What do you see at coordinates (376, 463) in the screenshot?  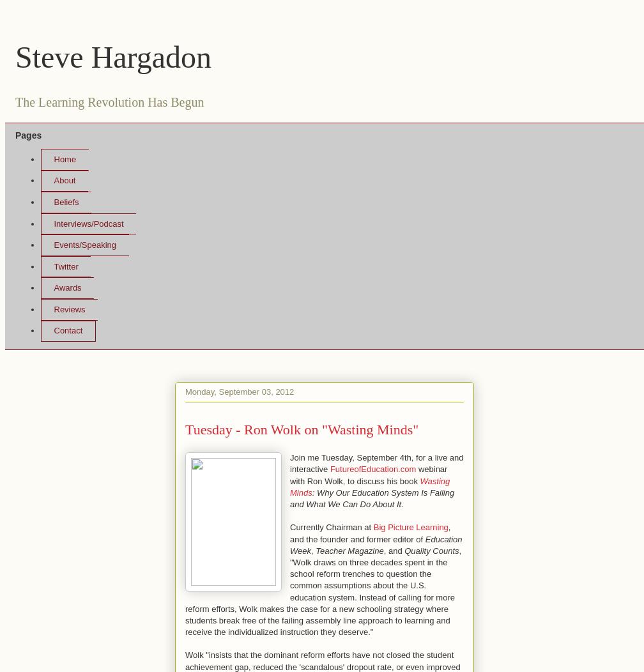 I see `'Join me Tuesday, September 4th, for a live and interactive'` at bounding box center [376, 463].